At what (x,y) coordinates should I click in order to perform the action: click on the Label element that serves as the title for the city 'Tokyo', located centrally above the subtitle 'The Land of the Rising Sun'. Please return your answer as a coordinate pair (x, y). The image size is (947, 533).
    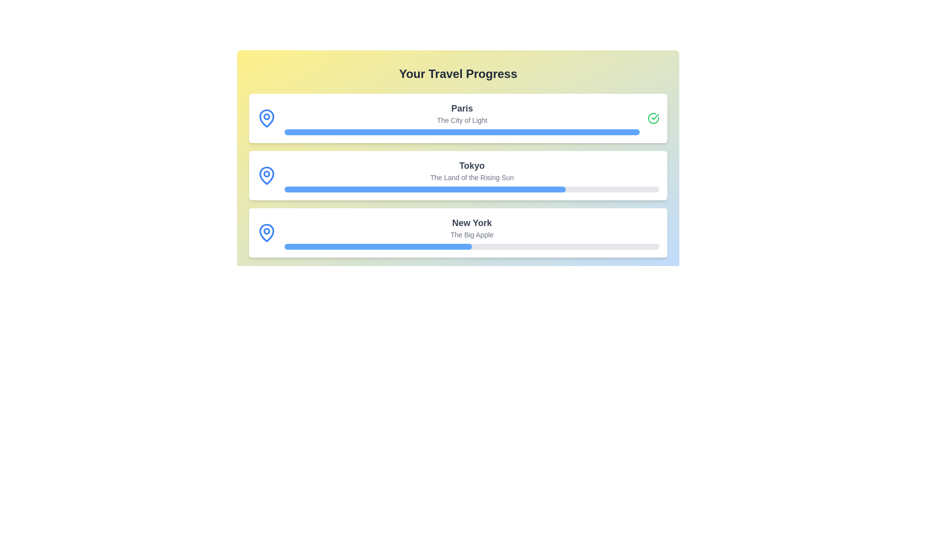
    Looking at the image, I should click on (471, 165).